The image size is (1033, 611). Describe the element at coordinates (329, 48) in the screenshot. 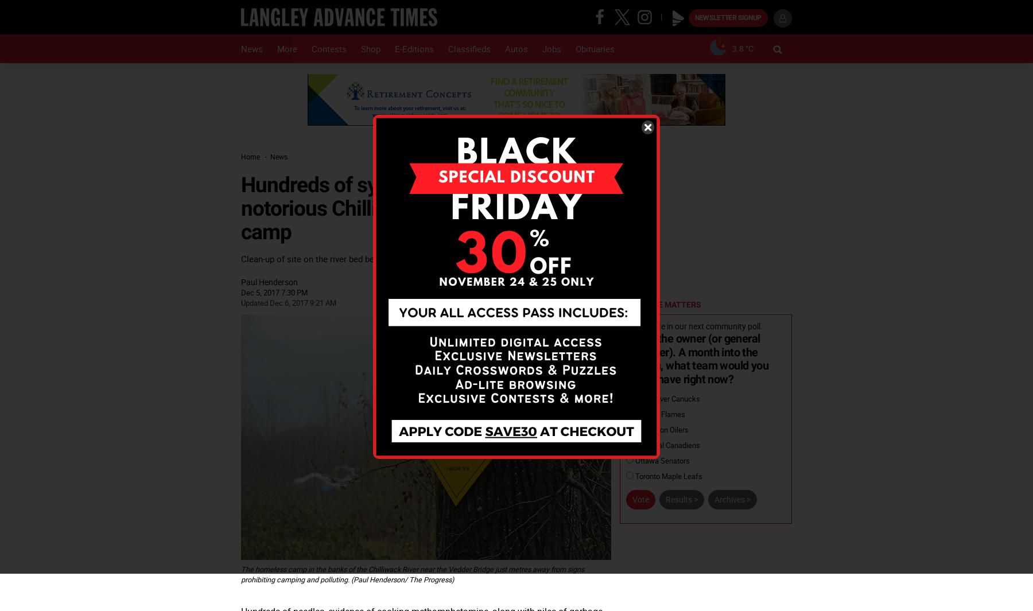

I see `'Contests'` at that location.